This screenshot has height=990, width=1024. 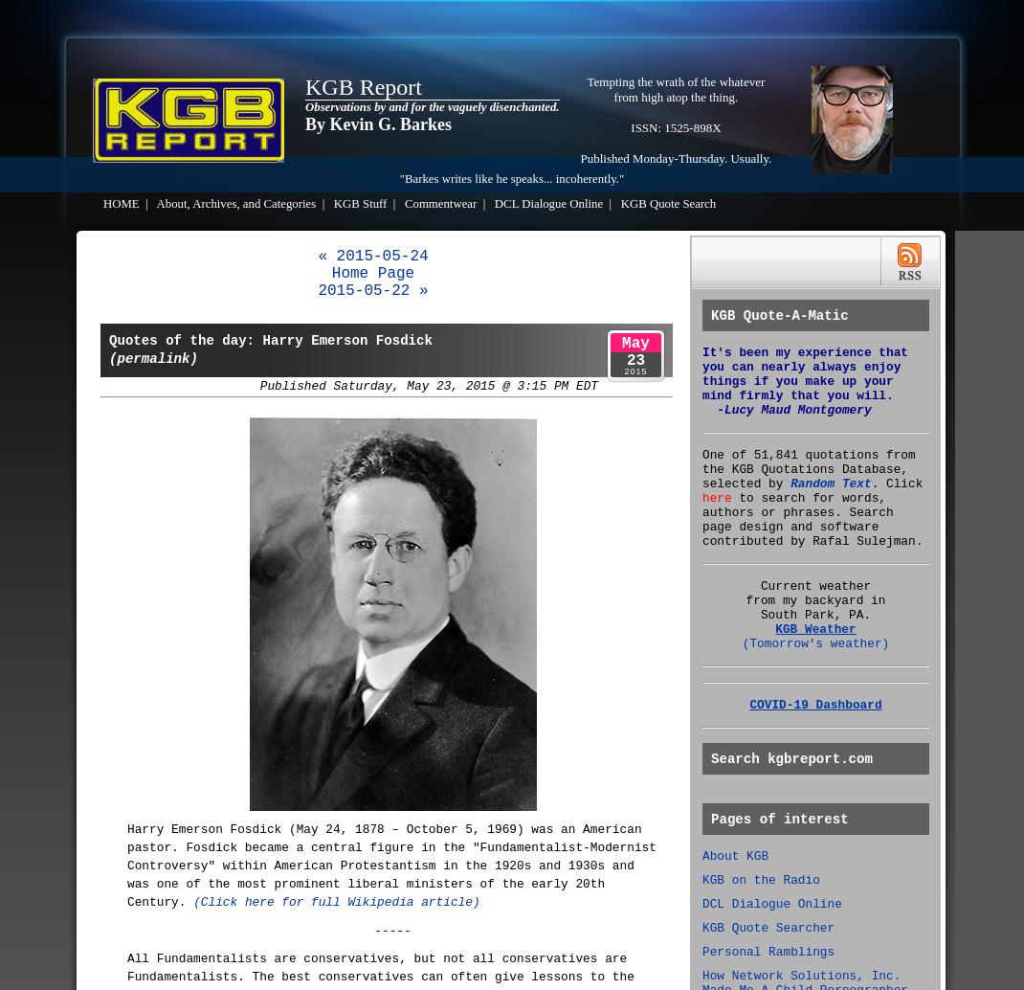 I want to click on 'About KGB', so click(x=734, y=855).